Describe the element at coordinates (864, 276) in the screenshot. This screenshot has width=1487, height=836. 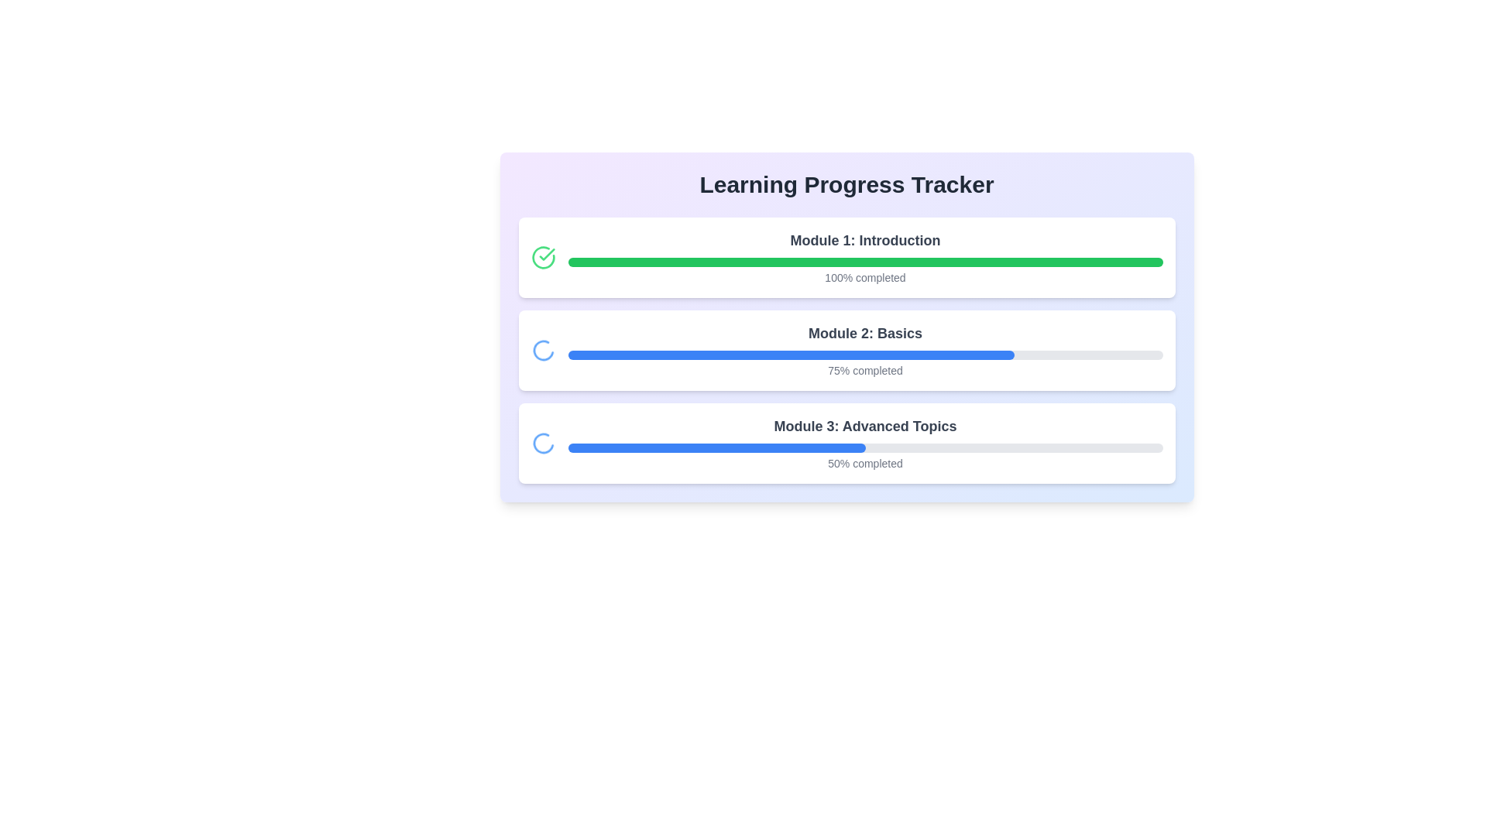
I see `the text label displaying '100% completed' which is styled in smaller gray sans-serif font and located below the green progress bar in the 'Module 1: Introduction' section` at that location.